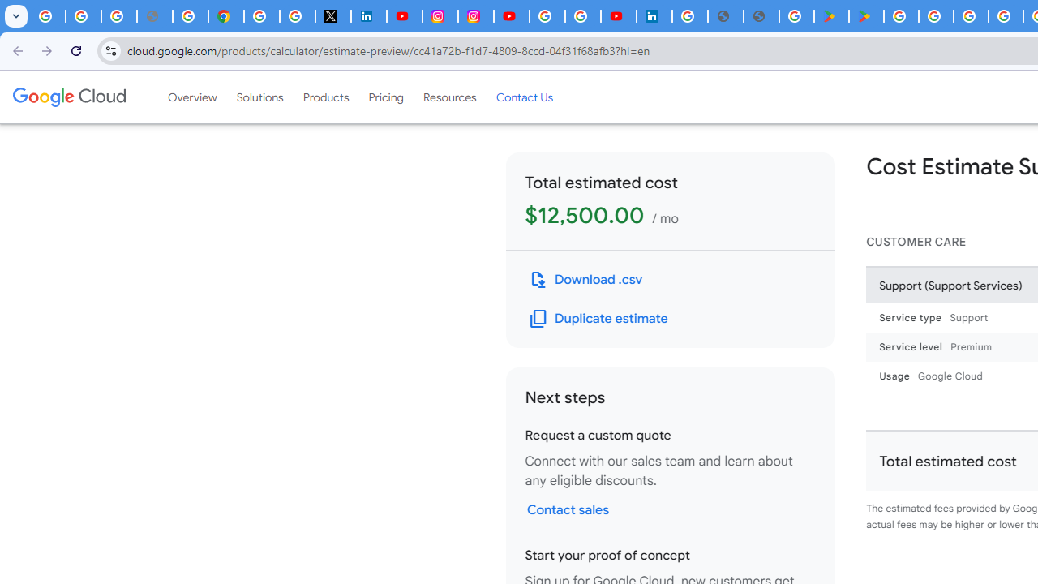 This screenshot has width=1038, height=584. Describe the element at coordinates (568, 509) in the screenshot. I see `'Contact sales'` at that location.